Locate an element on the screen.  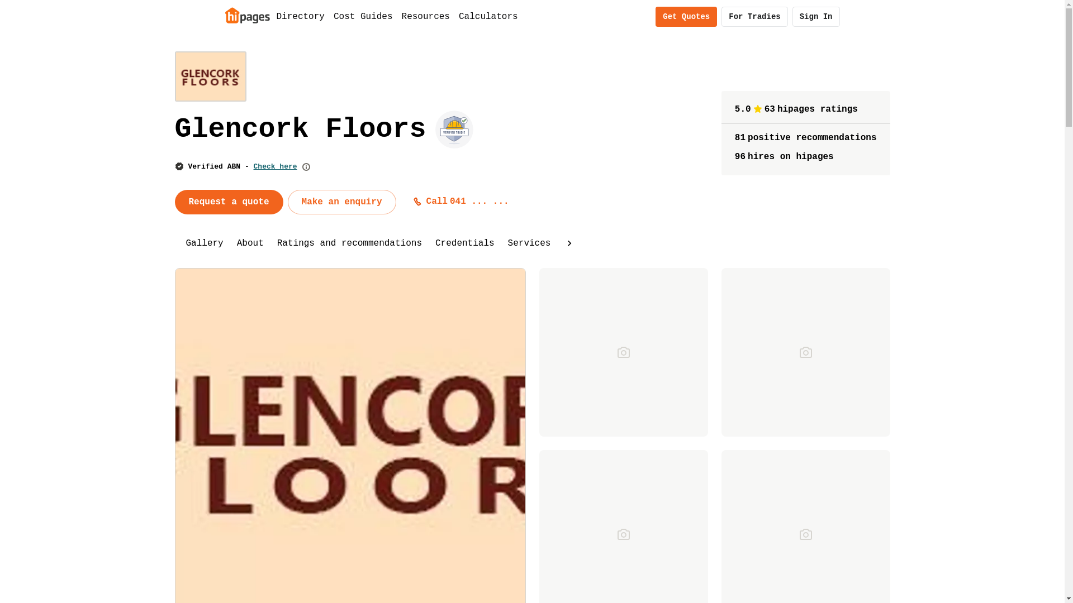
'Gallery' is located at coordinates (204, 242).